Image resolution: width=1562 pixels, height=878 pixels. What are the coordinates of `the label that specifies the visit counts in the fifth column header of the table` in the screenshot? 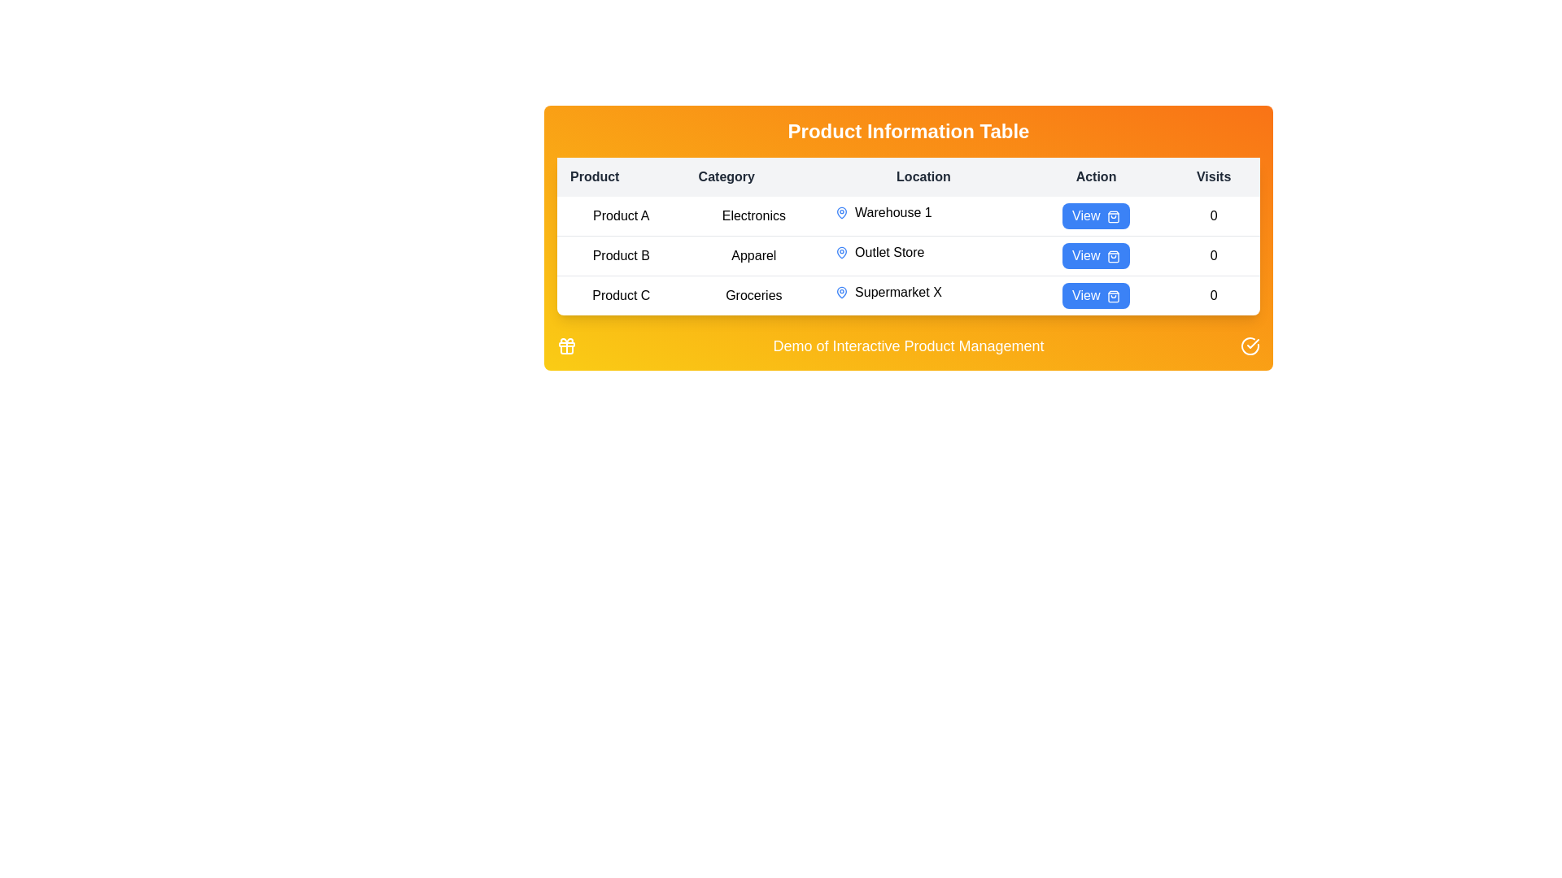 It's located at (1214, 177).